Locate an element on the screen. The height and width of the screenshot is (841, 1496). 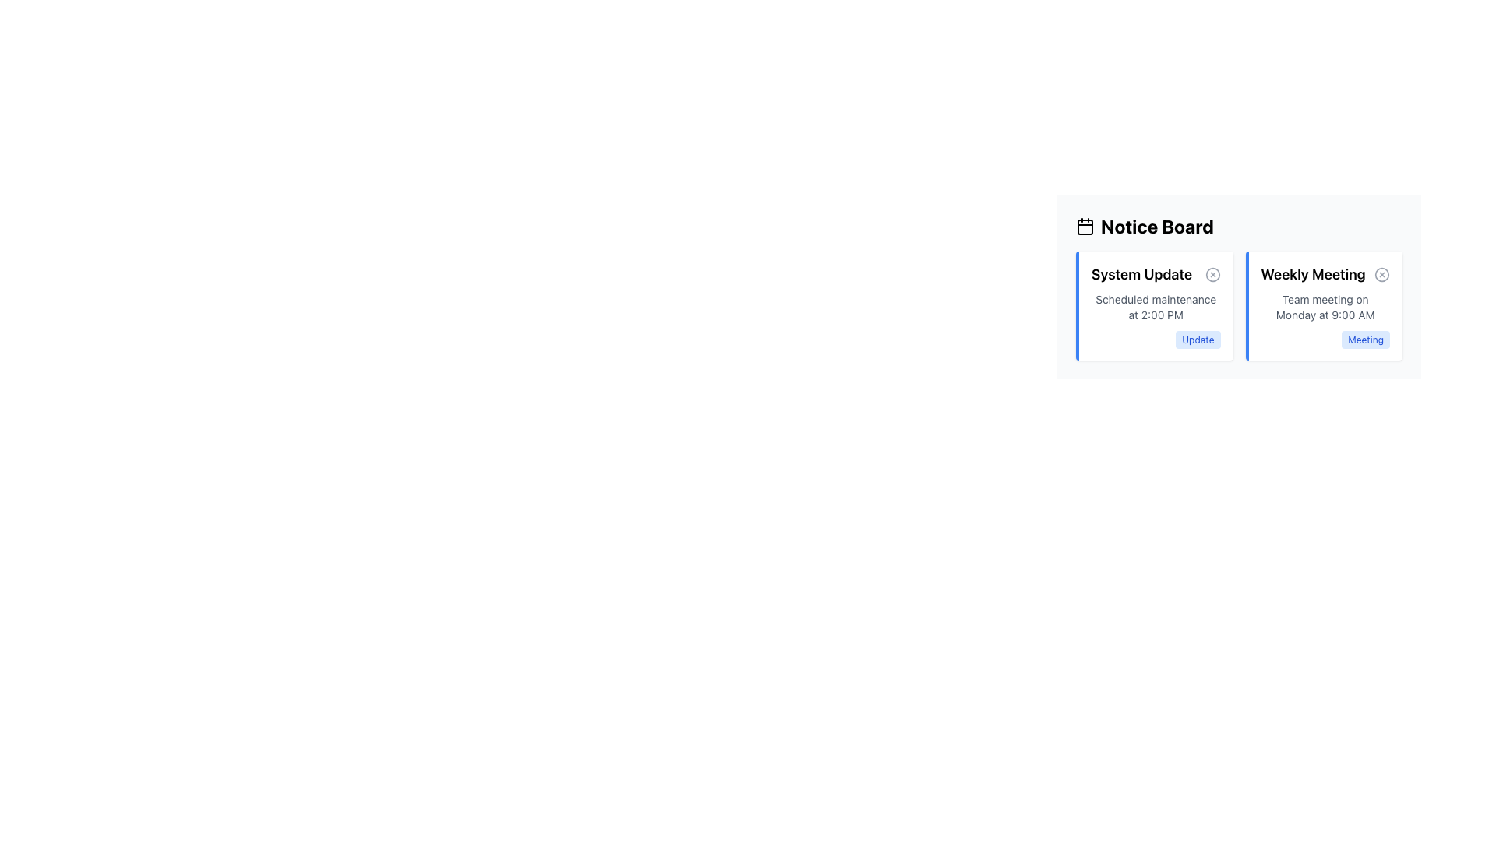
the 'Meeting' tag, which is a label-sized component with bold text on a blue background located at the bottom-right corner of the 'Weekly Meeting' section on the Notice Board is located at coordinates (1365, 339).